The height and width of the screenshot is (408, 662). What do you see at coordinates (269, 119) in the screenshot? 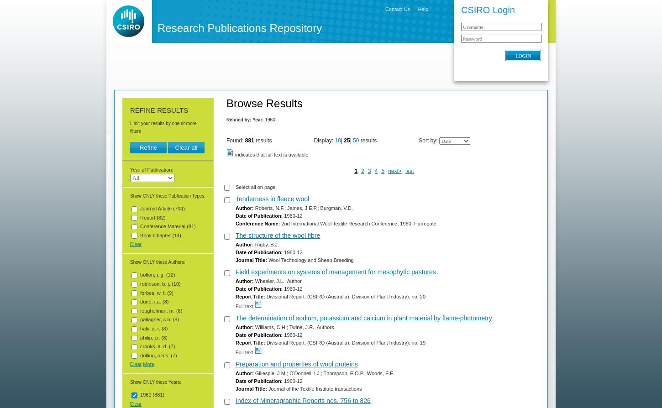
I see `'1960'` at bounding box center [269, 119].